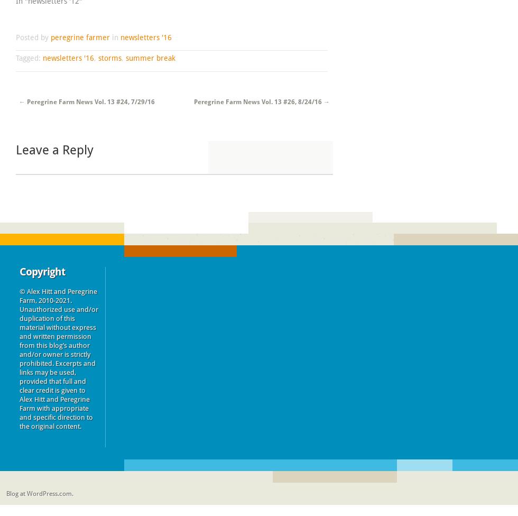  Describe the element at coordinates (80, 36) in the screenshot. I see `'peregrine farmer'` at that location.